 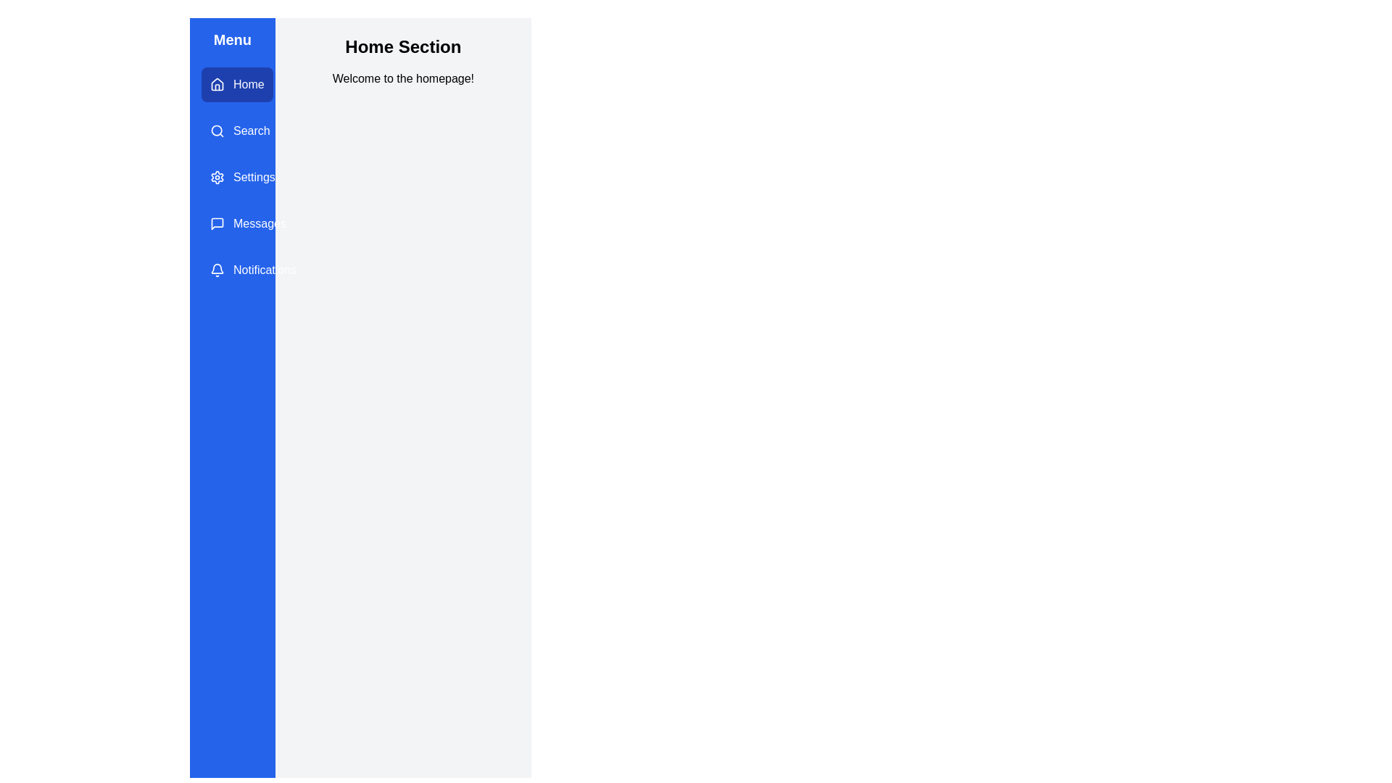 What do you see at coordinates (403, 46) in the screenshot?
I see `'Home Section' header text element, which is displayed in a bold and larger font size, located at the top of the main content area` at bounding box center [403, 46].